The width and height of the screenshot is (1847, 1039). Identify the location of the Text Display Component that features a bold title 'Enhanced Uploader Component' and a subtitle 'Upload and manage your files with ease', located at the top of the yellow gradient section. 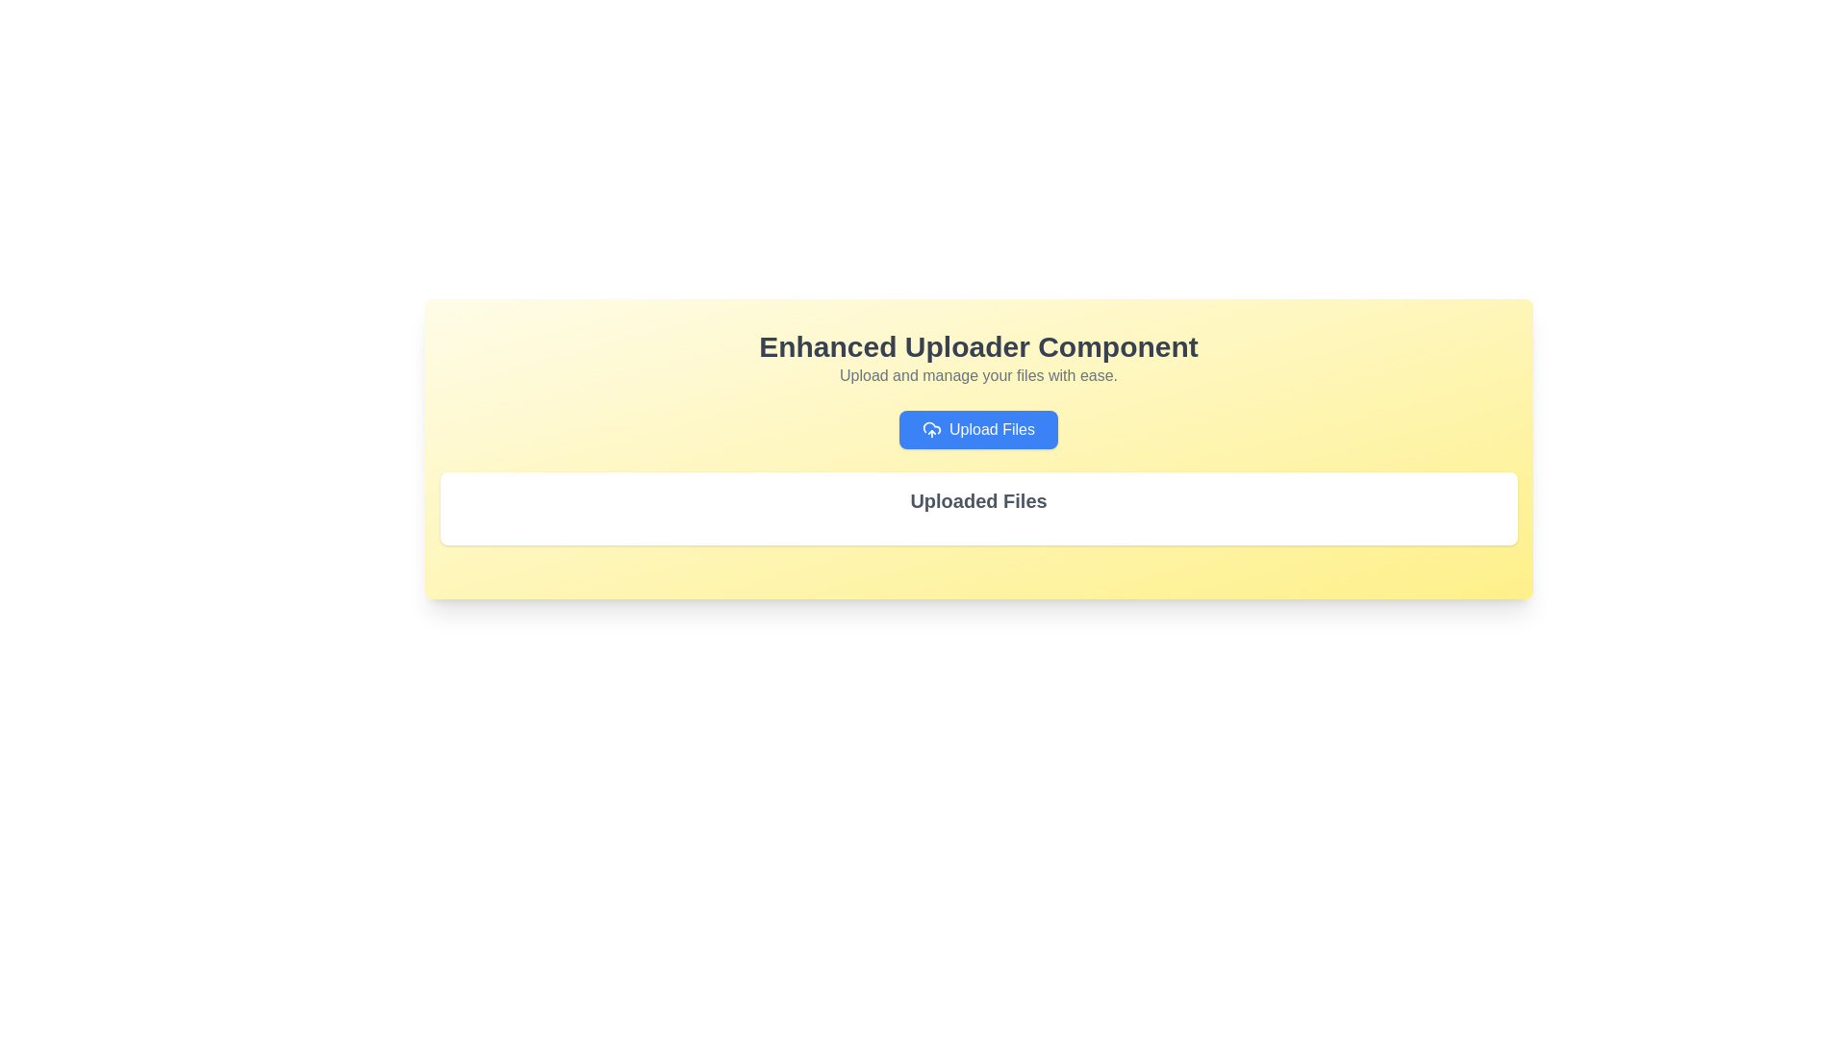
(978, 359).